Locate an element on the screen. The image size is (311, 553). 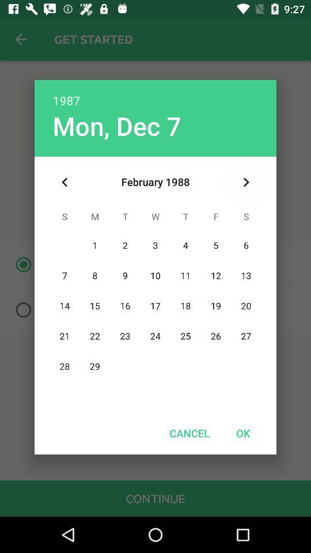
icon below 1987 item is located at coordinates (116, 126).